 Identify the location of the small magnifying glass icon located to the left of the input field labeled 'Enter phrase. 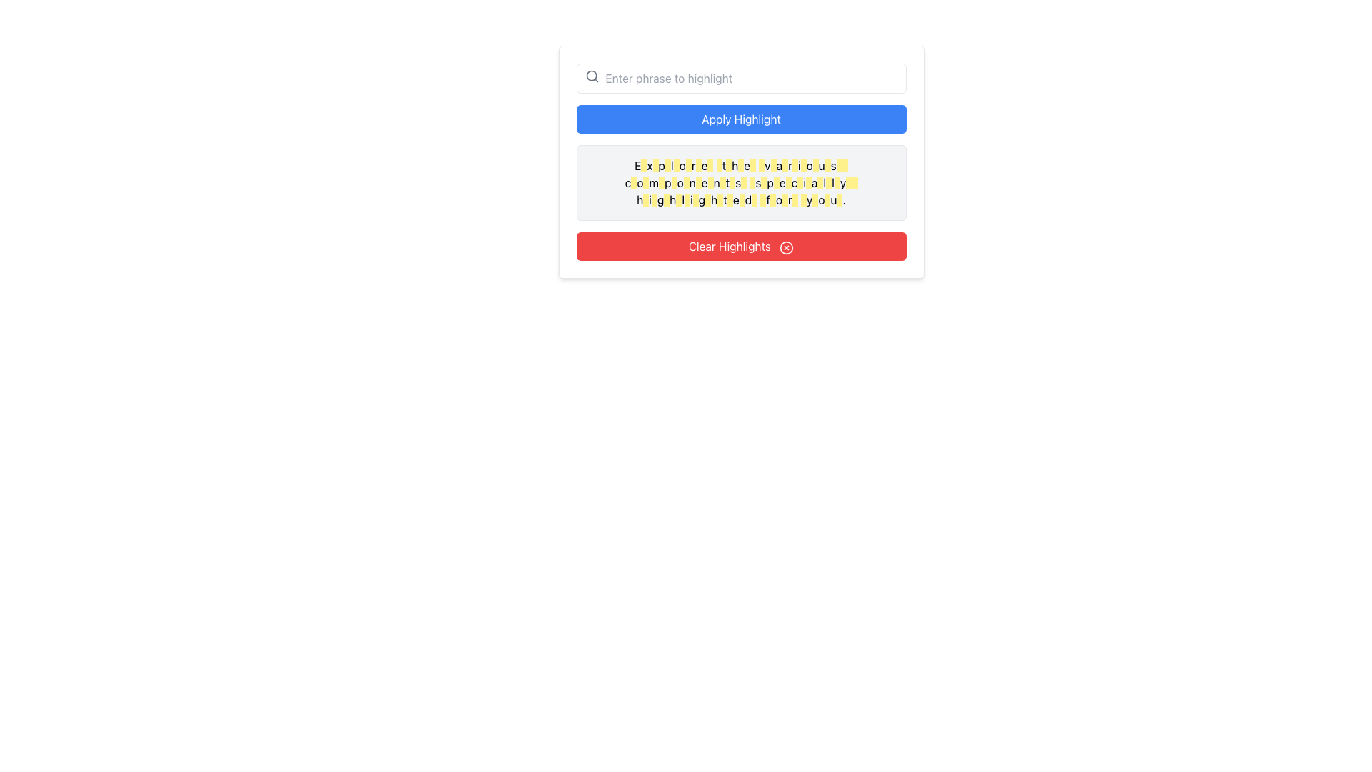
(592, 76).